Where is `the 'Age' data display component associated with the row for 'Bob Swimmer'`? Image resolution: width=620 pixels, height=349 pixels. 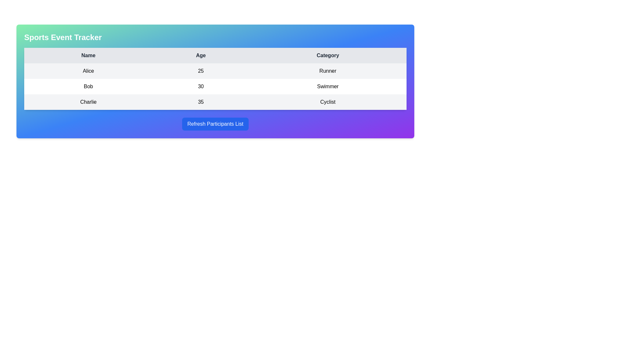 the 'Age' data display component associated with the row for 'Bob Swimmer' is located at coordinates (201, 86).